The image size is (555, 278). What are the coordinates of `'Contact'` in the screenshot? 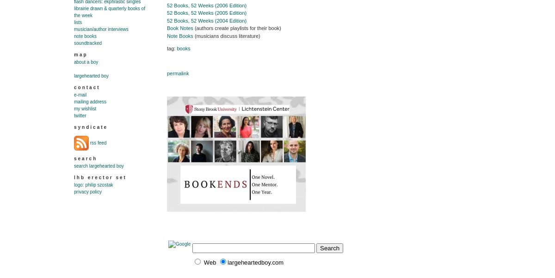 It's located at (73, 87).